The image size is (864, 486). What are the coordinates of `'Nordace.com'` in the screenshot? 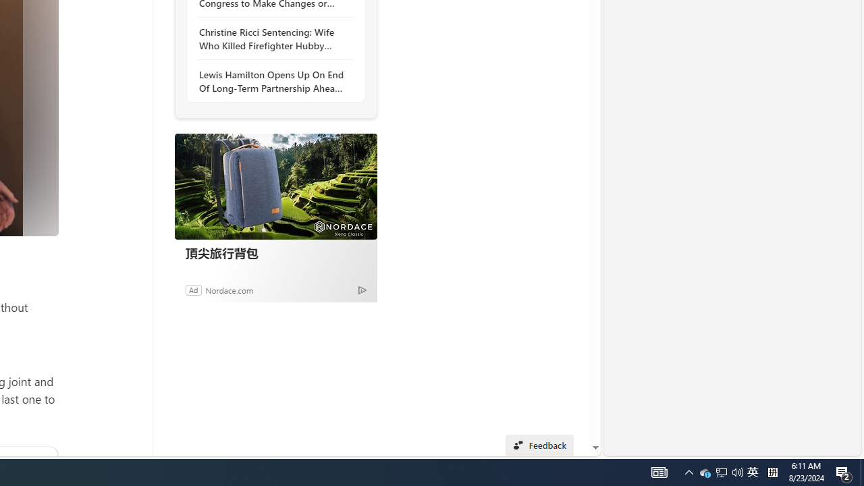 It's located at (229, 289).